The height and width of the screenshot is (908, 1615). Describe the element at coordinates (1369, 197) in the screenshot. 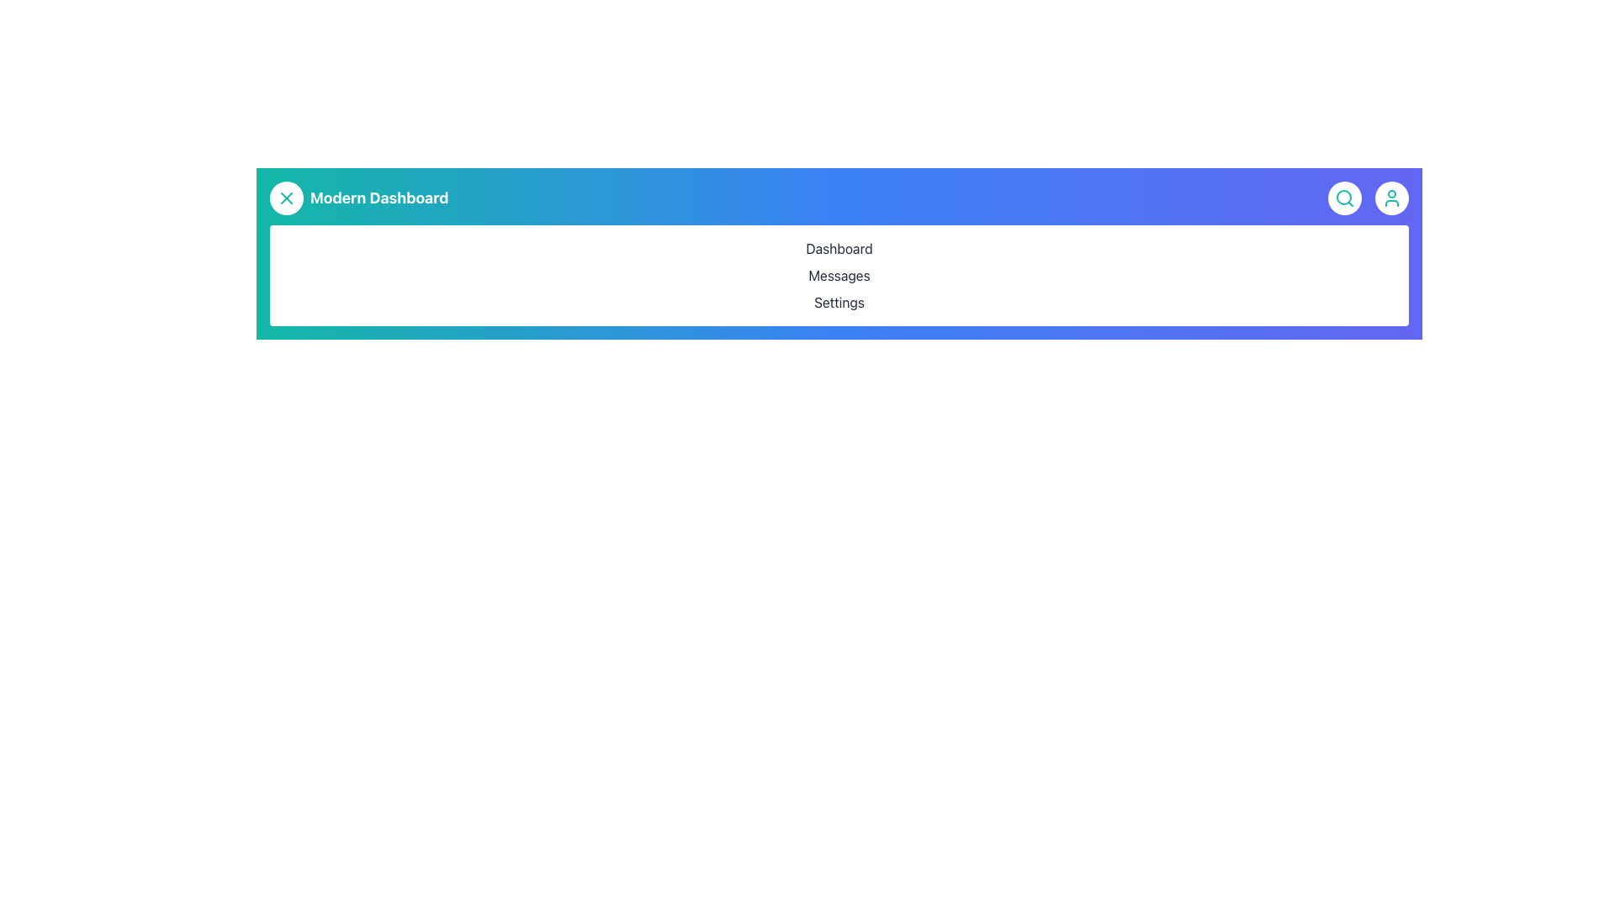

I see `the user icon in the top-right corner of the interface for profile-related actions` at that location.